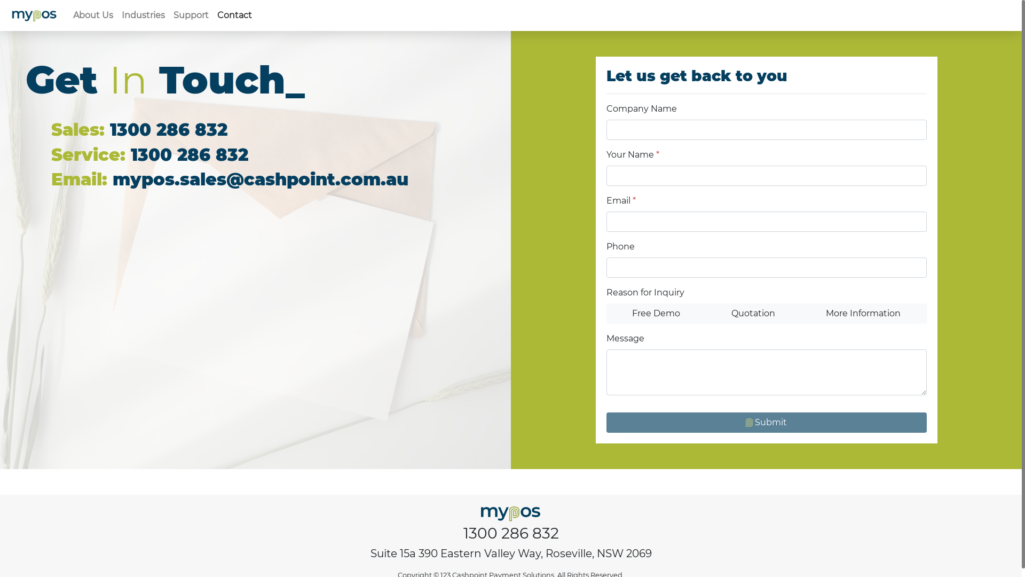 The height and width of the screenshot is (577, 1025). I want to click on 'Industries', so click(143, 15).